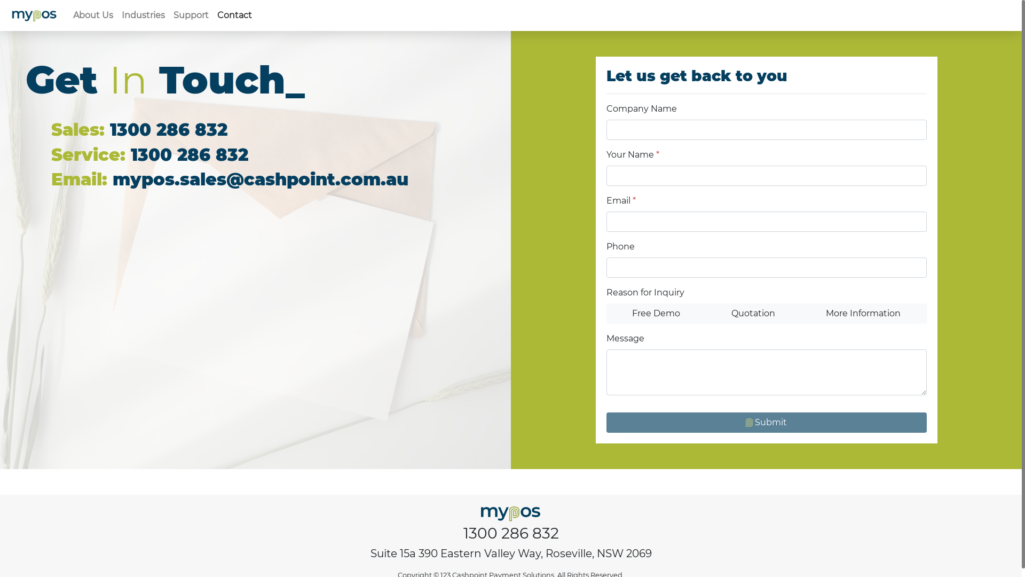 The height and width of the screenshot is (577, 1025). I want to click on 'Industries', so click(143, 15).